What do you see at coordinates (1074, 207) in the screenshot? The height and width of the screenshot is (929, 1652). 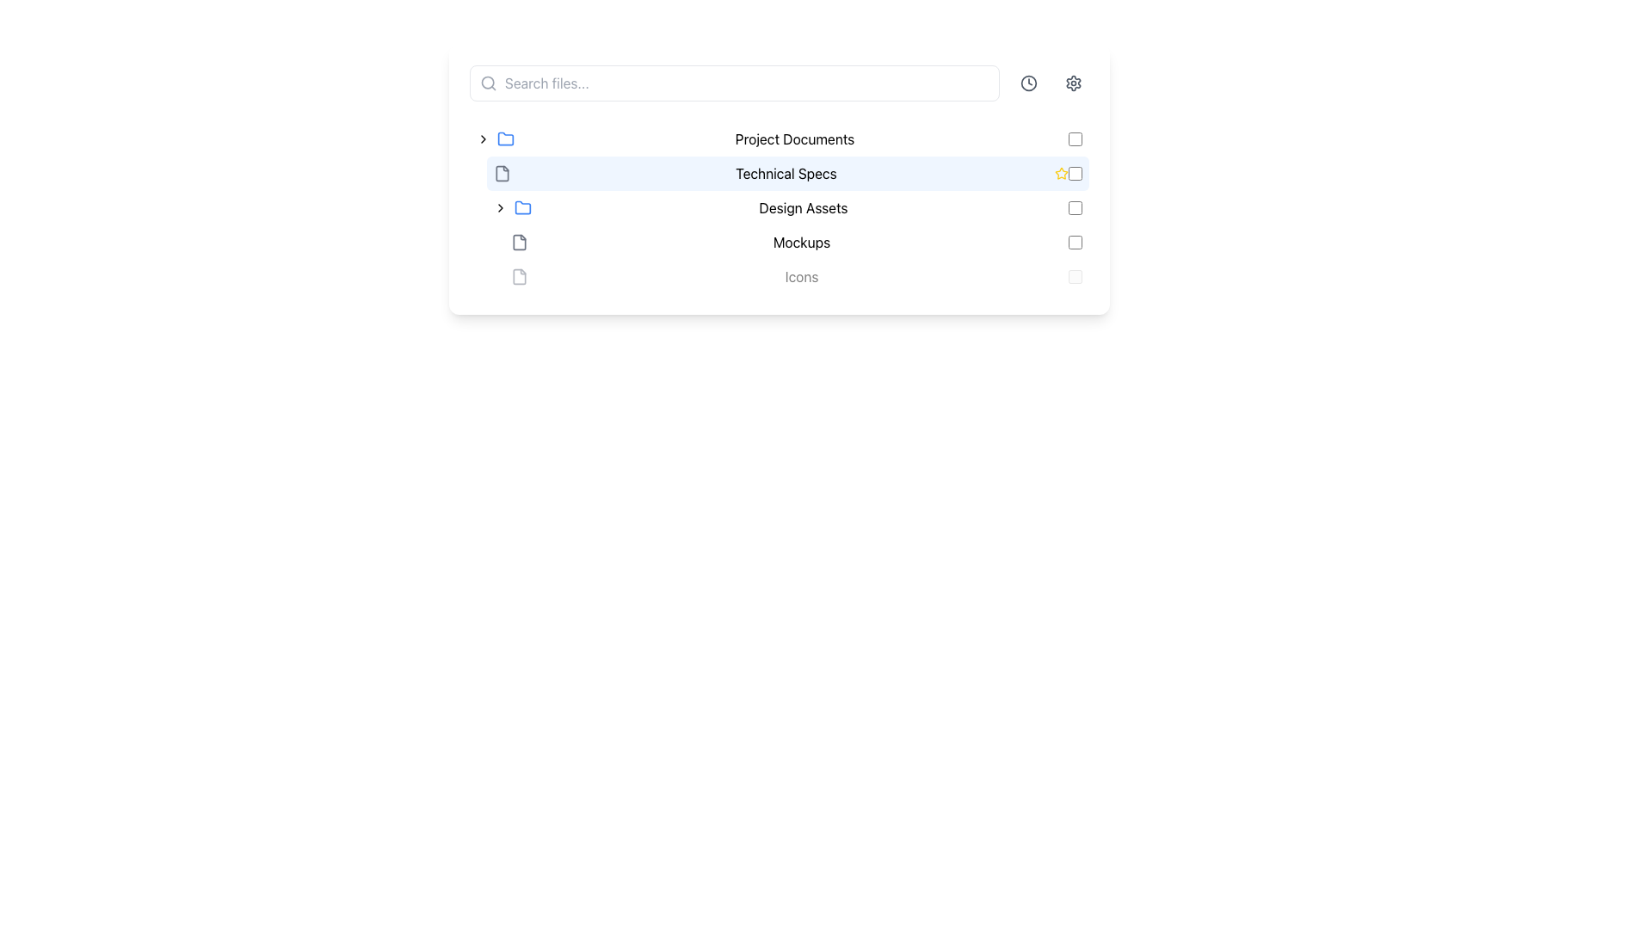 I see `the checkbox located to the far-right of the 'Design Assets' row` at bounding box center [1074, 207].